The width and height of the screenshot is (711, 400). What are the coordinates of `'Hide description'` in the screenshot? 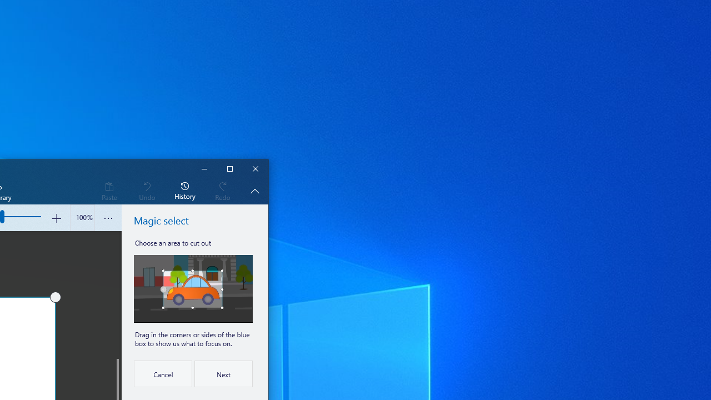 It's located at (254, 190).